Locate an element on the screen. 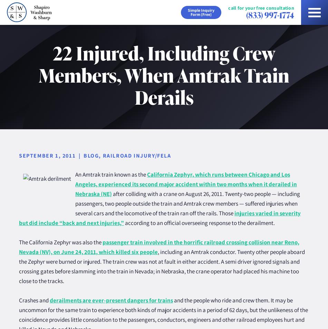 The width and height of the screenshot is (328, 329). 'passenger train involved in the horrific railroad crossing collision near Reno, Nevada (NV), on June 24, 2011, which killed six people' is located at coordinates (159, 247).